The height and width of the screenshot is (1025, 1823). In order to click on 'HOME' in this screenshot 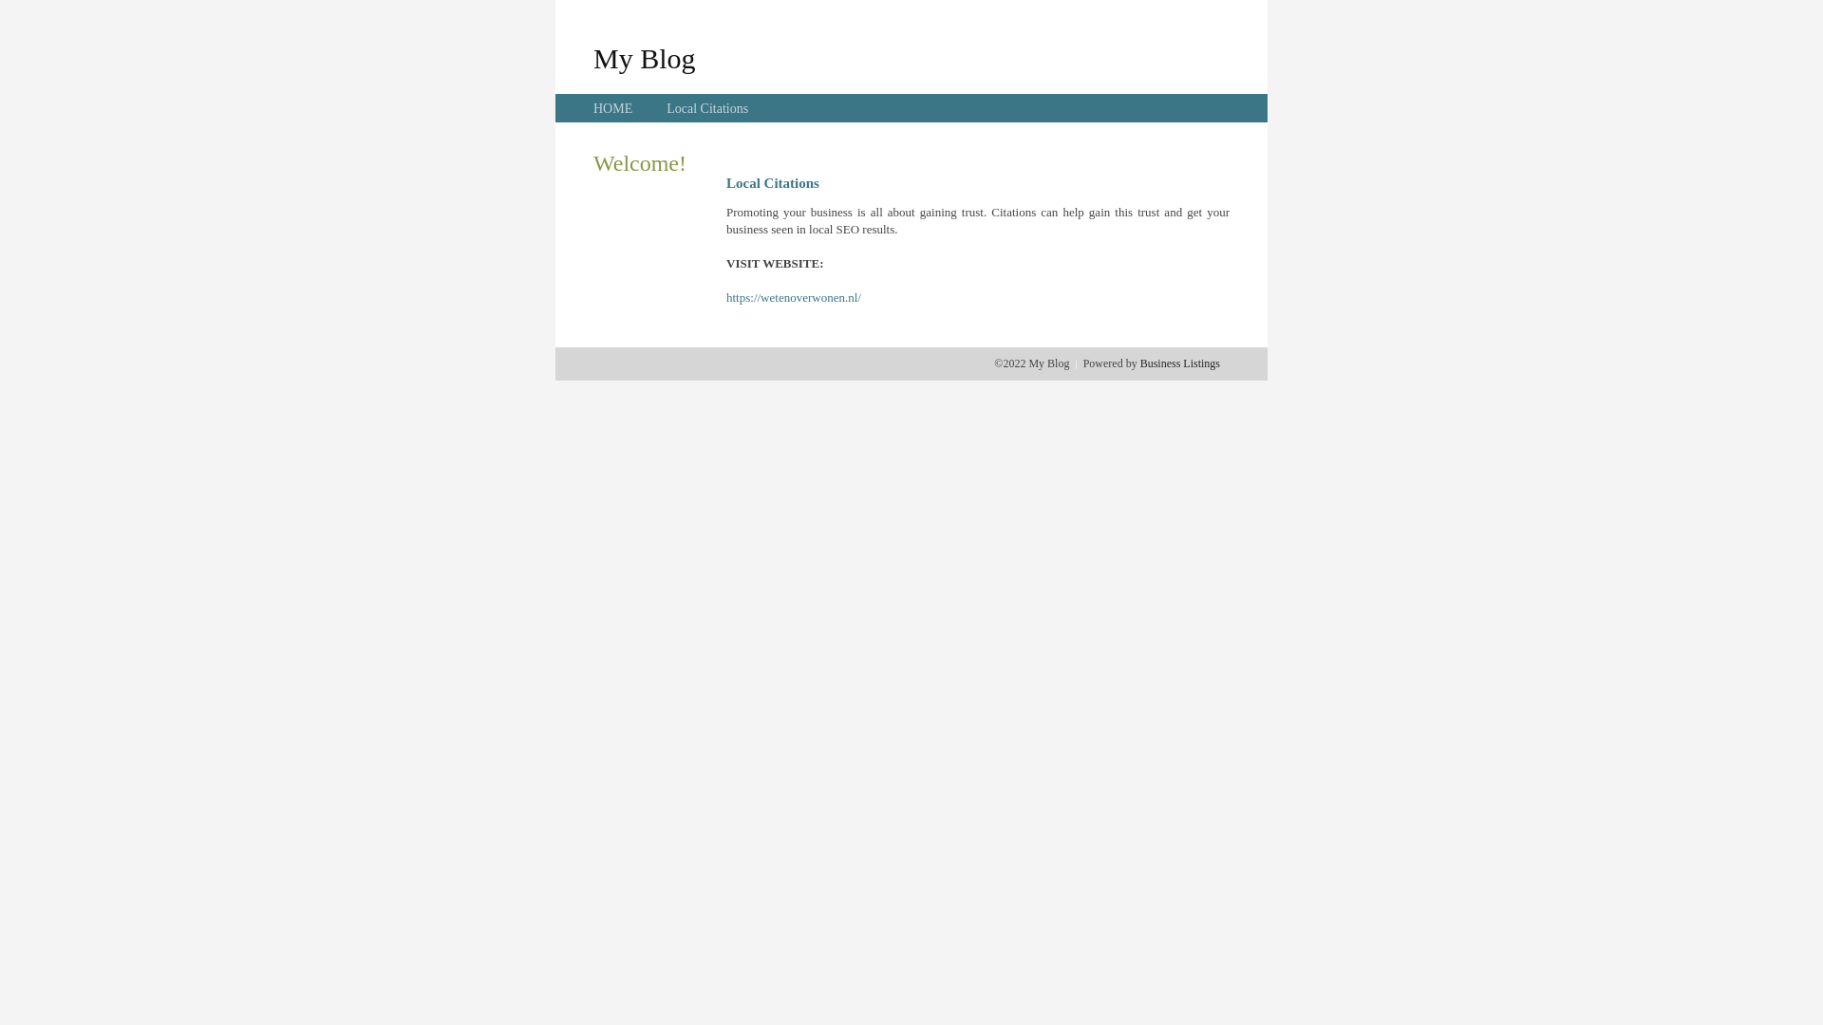, I will do `click(612, 108)`.